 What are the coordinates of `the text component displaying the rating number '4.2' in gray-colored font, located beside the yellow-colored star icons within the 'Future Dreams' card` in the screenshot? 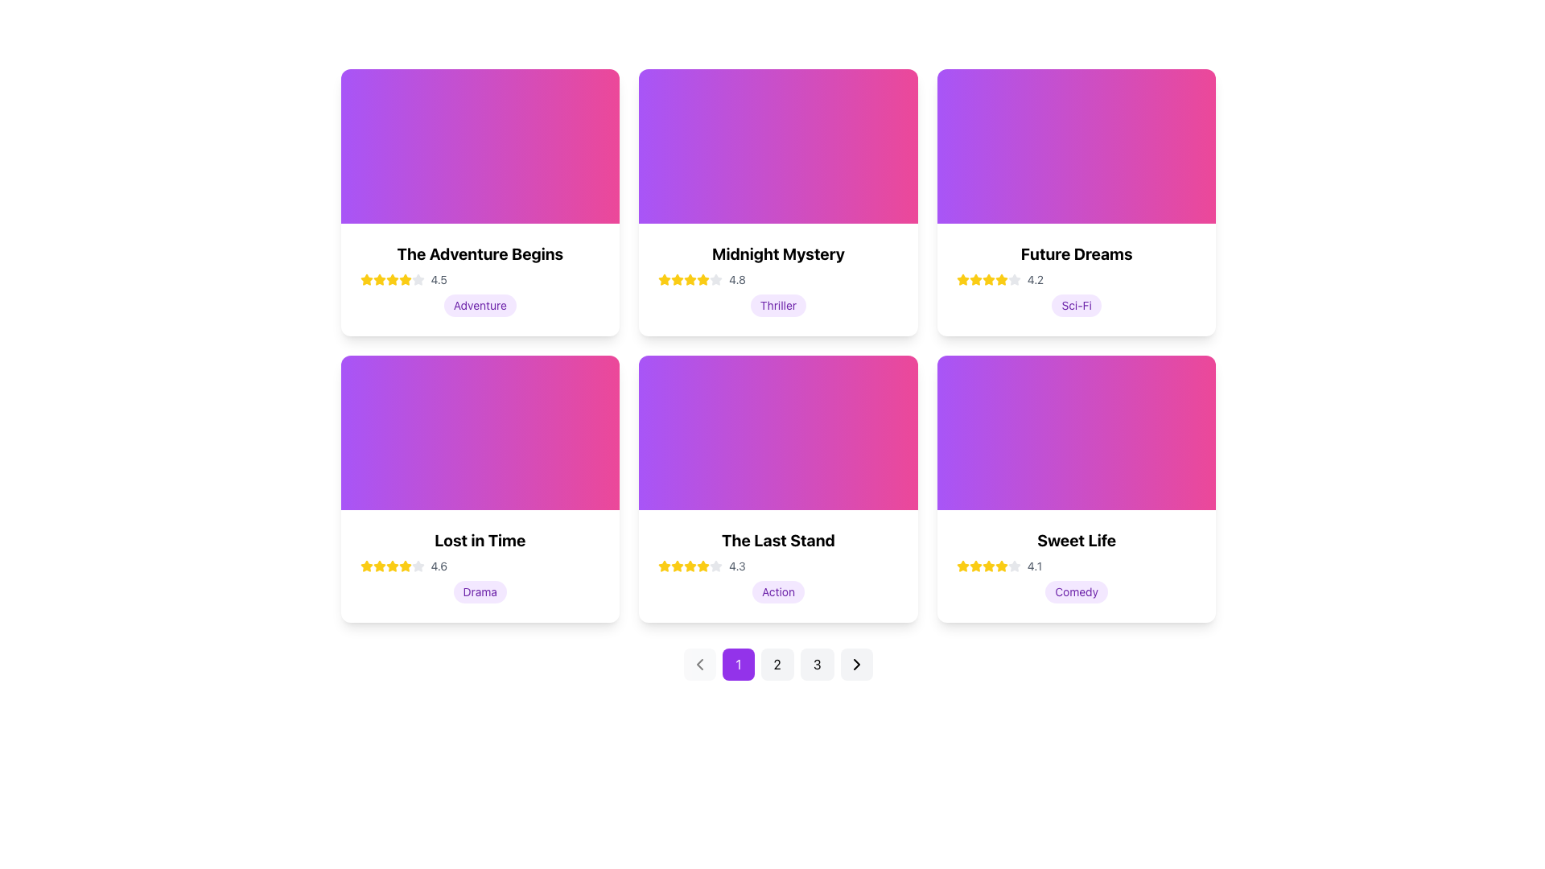 It's located at (1035, 278).